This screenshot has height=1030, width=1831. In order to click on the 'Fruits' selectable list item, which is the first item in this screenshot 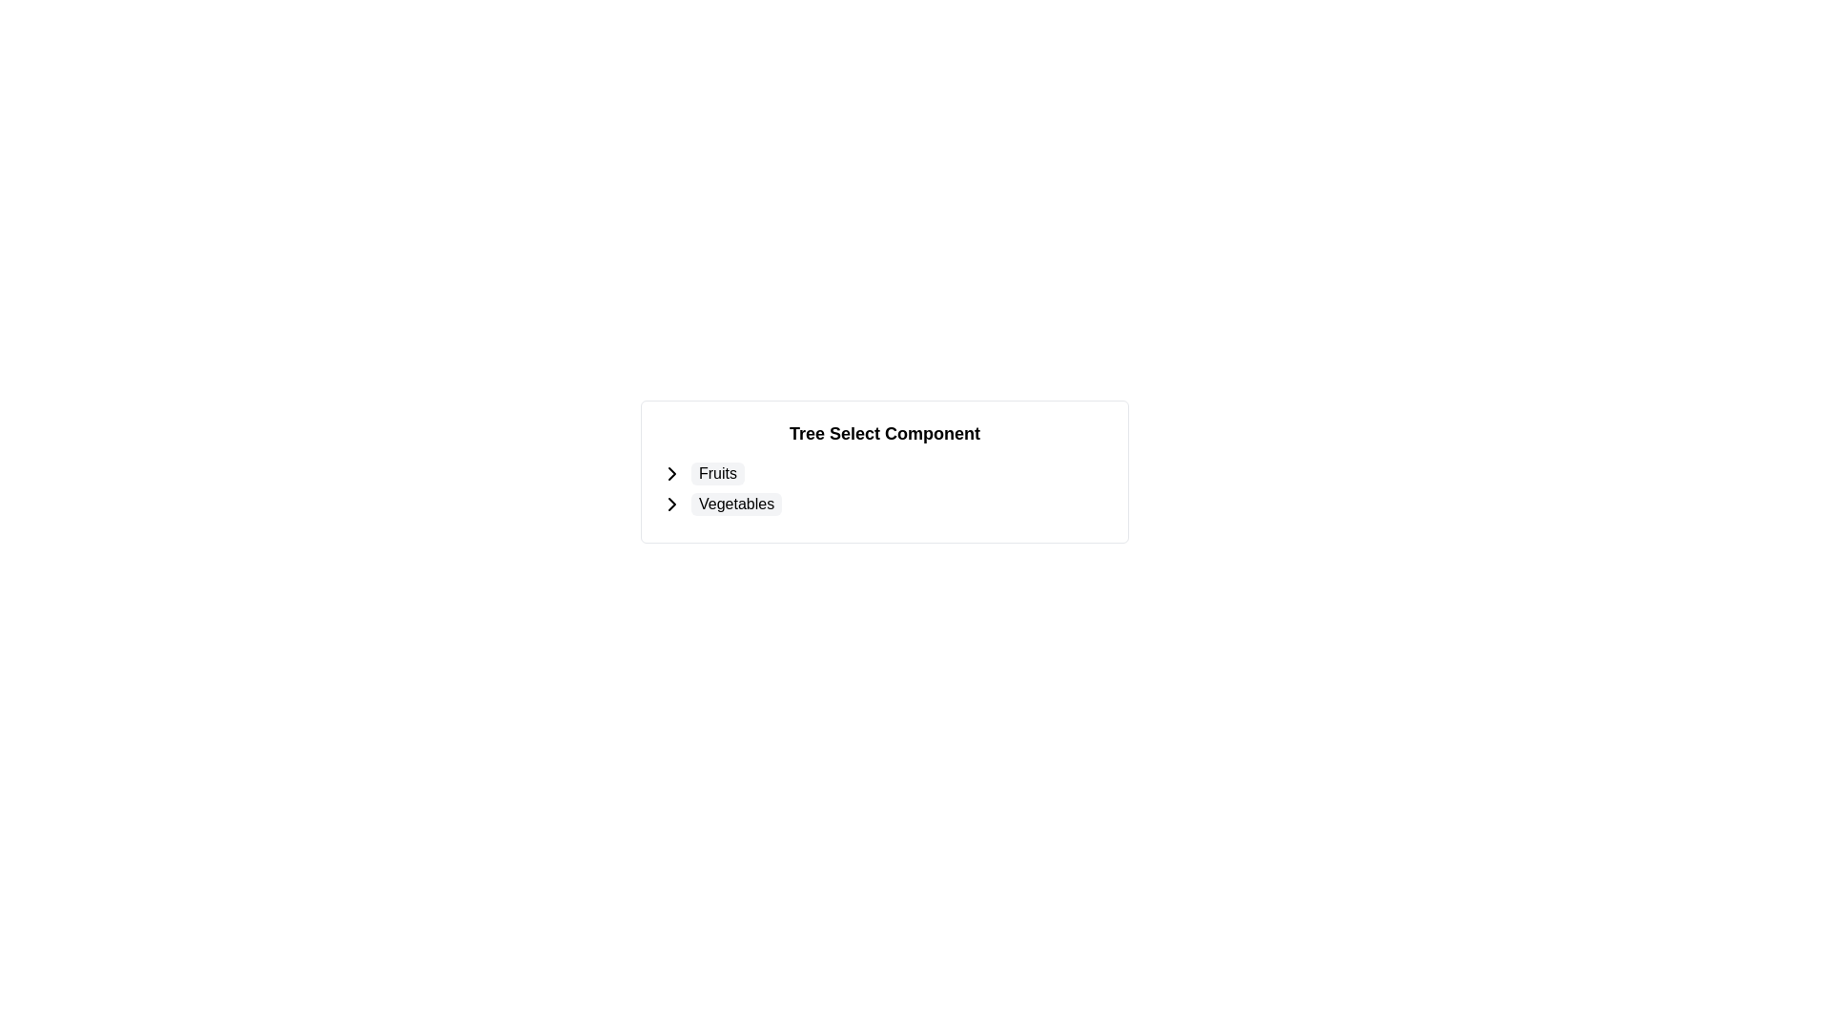, I will do `click(717, 473)`.